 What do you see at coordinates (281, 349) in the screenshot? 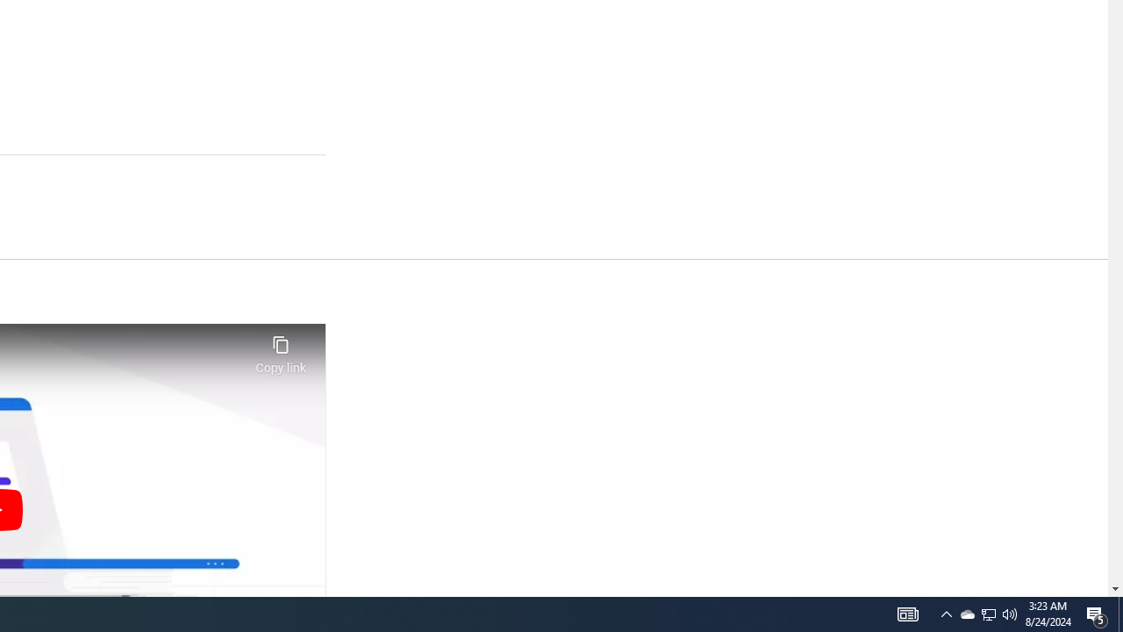
I see `'Copy link'` at bounding box center [281, 349].